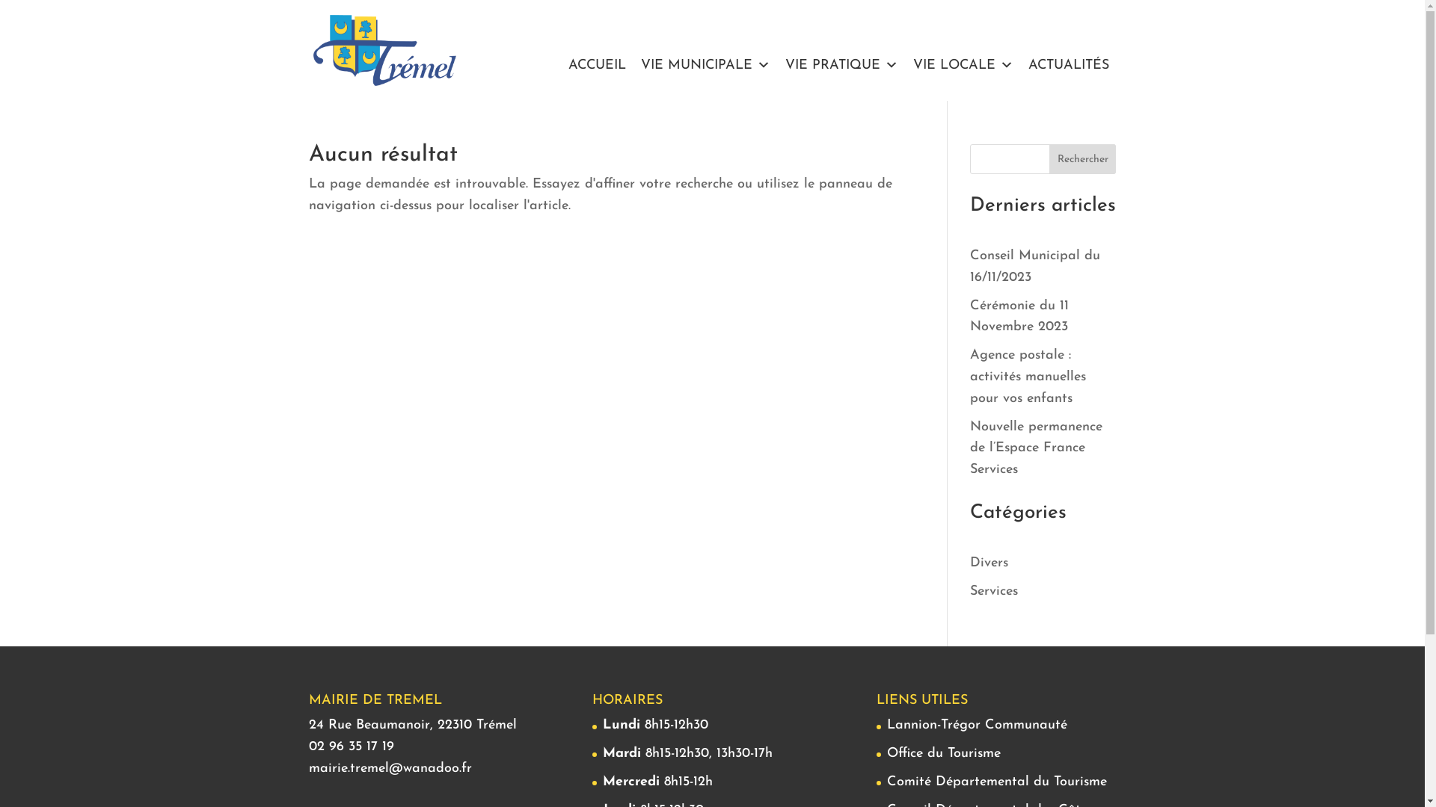 The height and width of the screenshot is (807, 1436). What do you see at coordinates (1034, 266) in the screenshot?
I see `'Conseil Municipal du 16/11/2023'` at bounding box center [1034, 266].